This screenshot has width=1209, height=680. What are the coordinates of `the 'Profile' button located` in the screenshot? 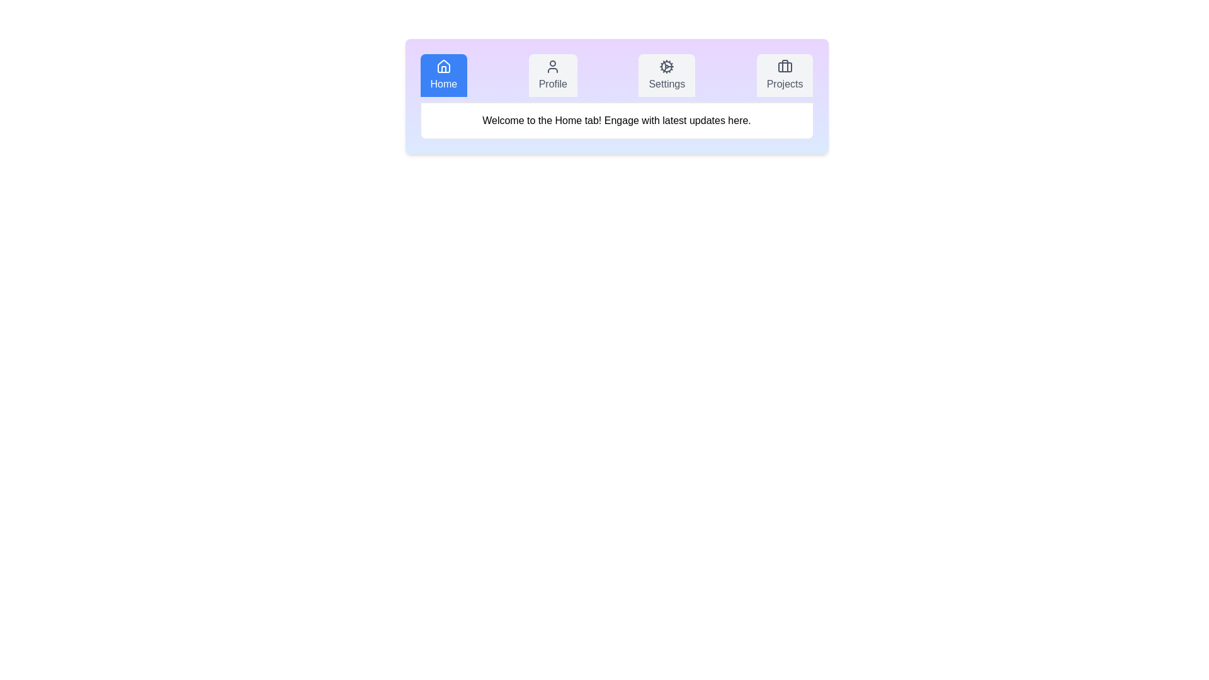 It's located at (553, 75).